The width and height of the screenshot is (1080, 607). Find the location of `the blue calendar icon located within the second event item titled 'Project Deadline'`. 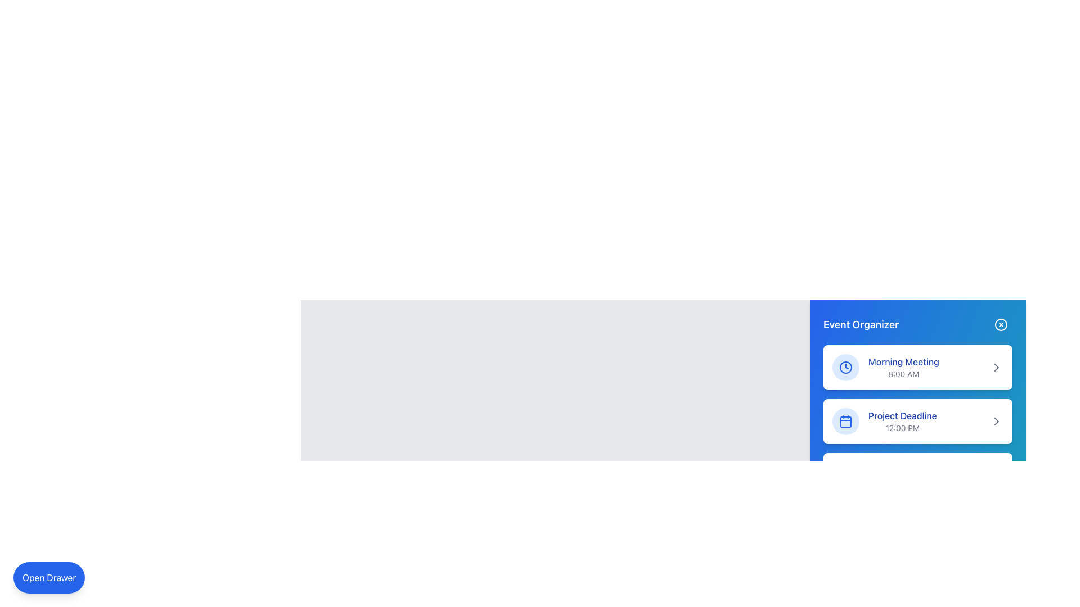

the blue calendar icon located within the second event item titled 'Project Deadline' is located at coordinates (845, 421).